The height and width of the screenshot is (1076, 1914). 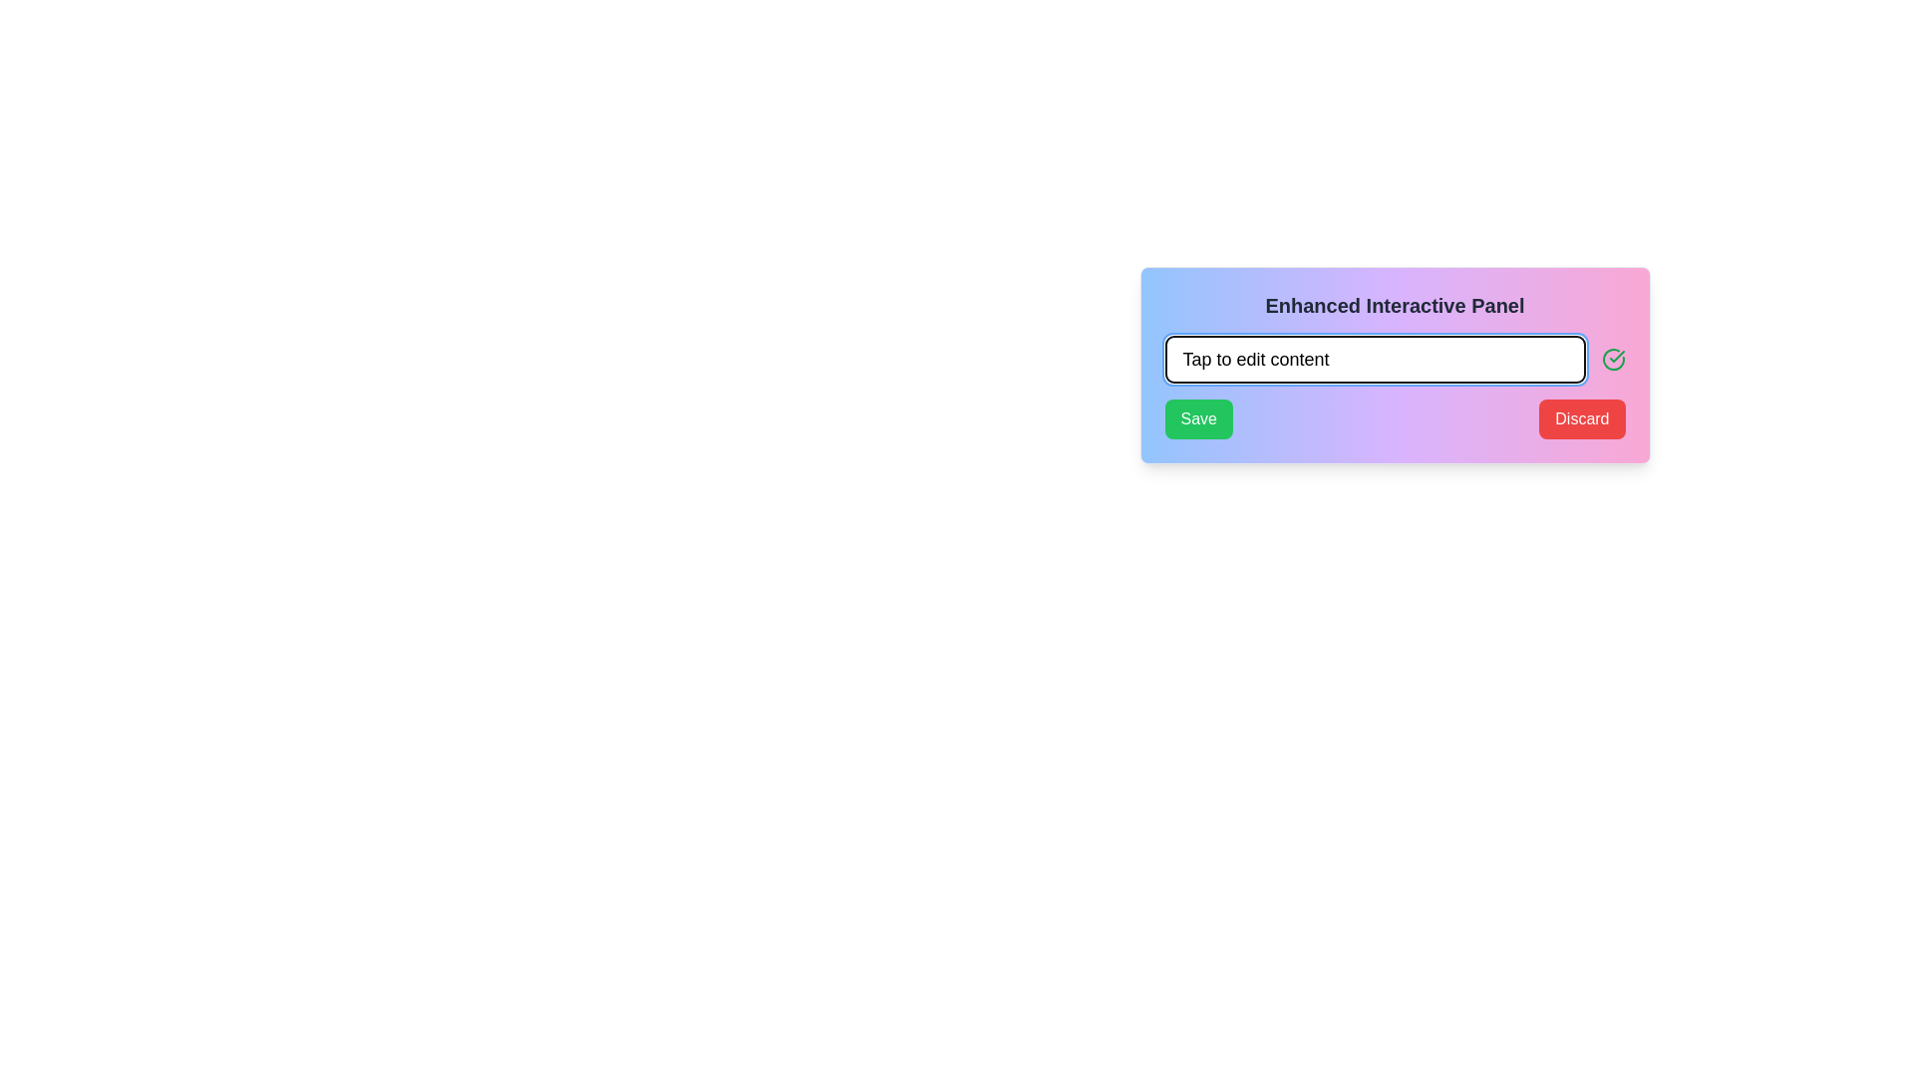 I want to click on the green checkmark icon located in the top-right section of the interactive panel, which is styled as a circular icon, so click(x=1617, y=356).